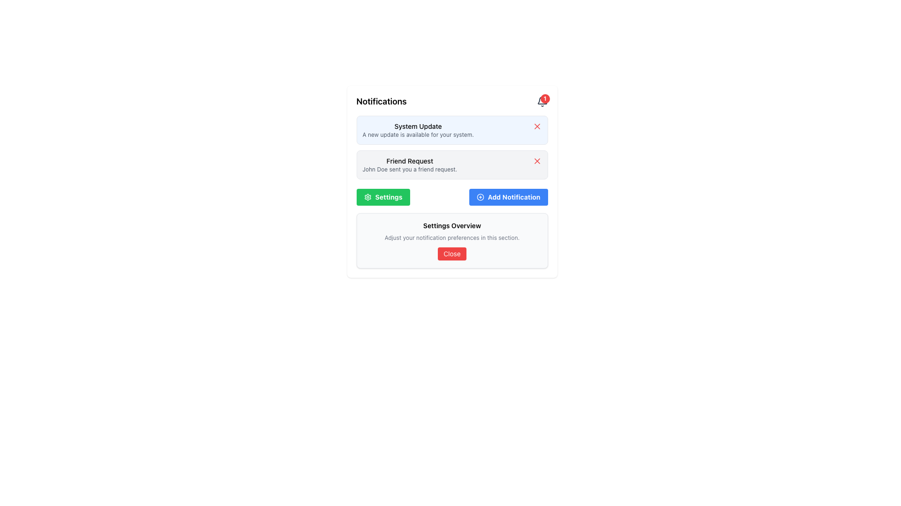 The image size is (901, 506). Describe the element at coordinates (480, 196) in the screenshot. I see `the SVG Circle icon located on the right side of the notification interface` at that location.